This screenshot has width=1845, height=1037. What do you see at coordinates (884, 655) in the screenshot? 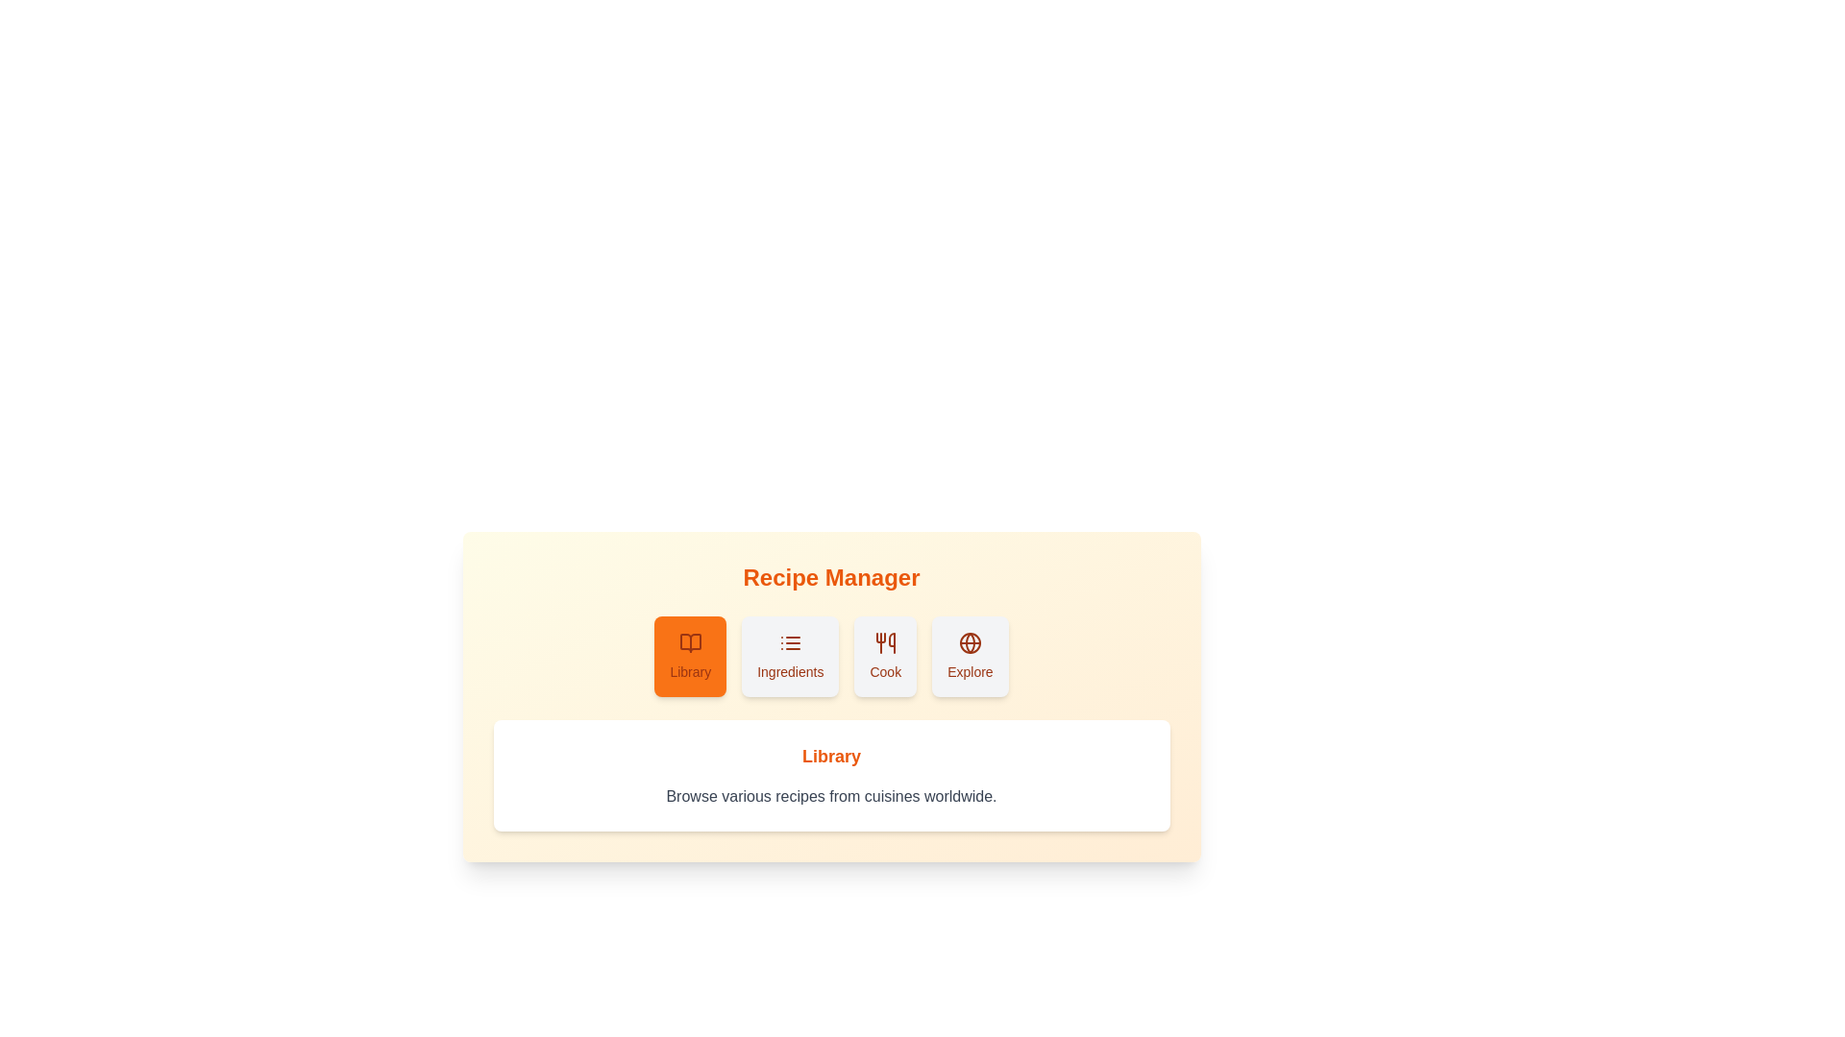
I see `the Cook tab in the RecipeCollection component` at bounding box center [884, 655].